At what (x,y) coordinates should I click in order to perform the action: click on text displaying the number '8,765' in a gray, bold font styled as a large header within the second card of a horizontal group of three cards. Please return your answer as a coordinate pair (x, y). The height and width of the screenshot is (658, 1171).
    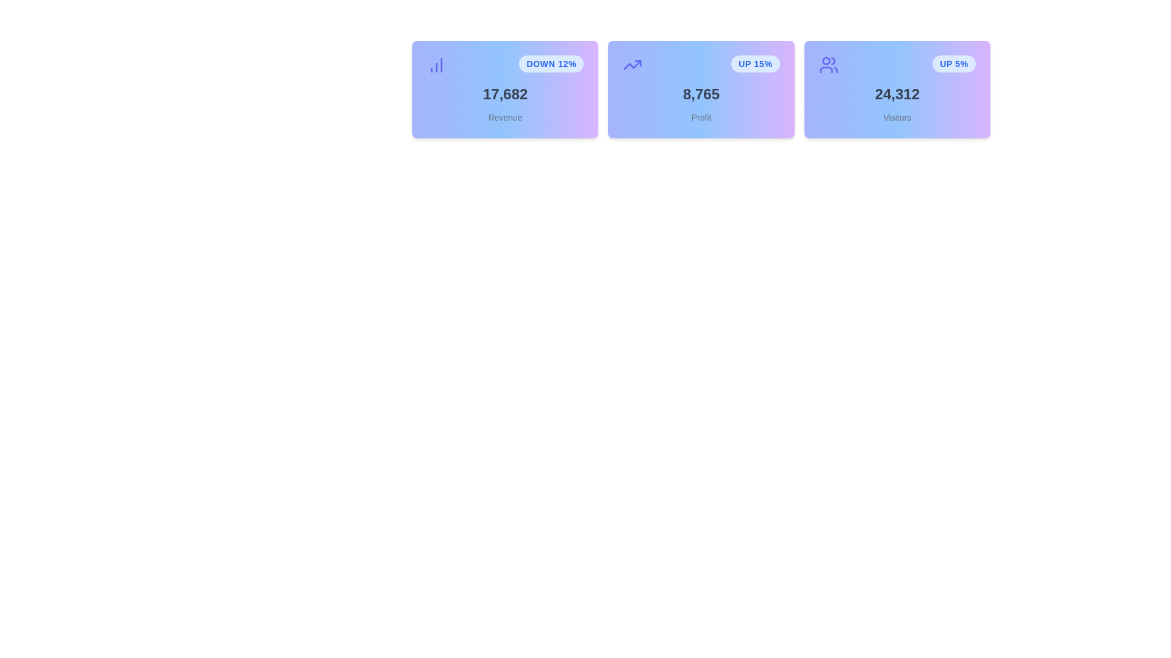
    Looking at the image, I should click on (701, 93).